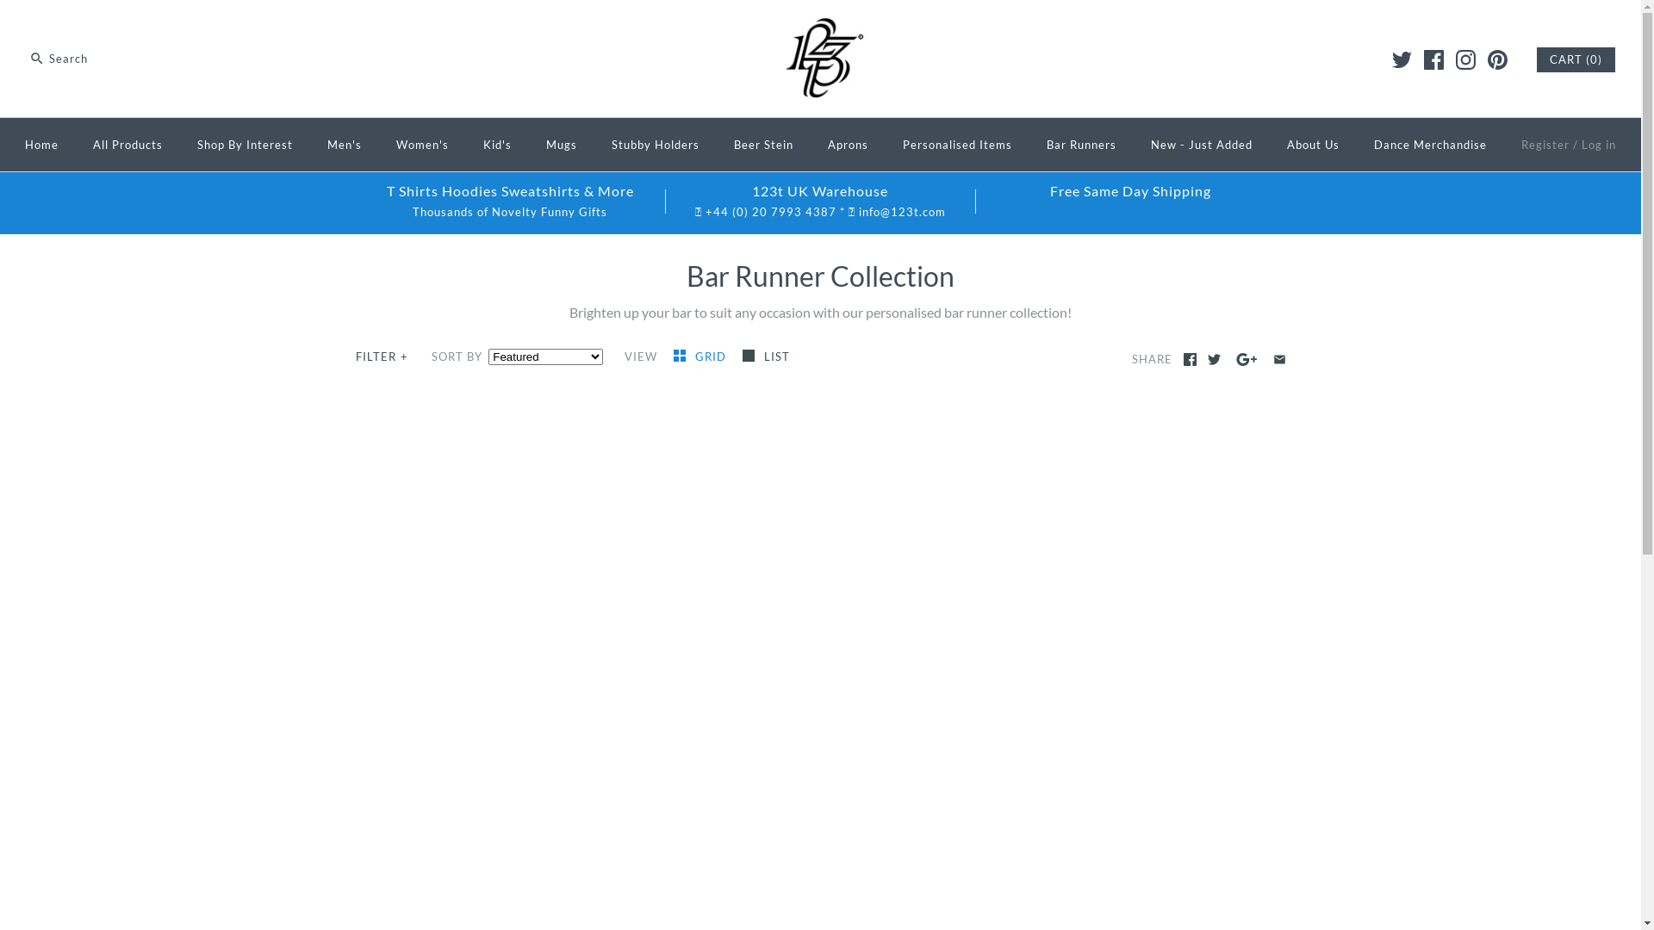 Image resolution: width=1654 pixels, height=930 pixels. I want to click on 'Facebook', so click(1182, 358).